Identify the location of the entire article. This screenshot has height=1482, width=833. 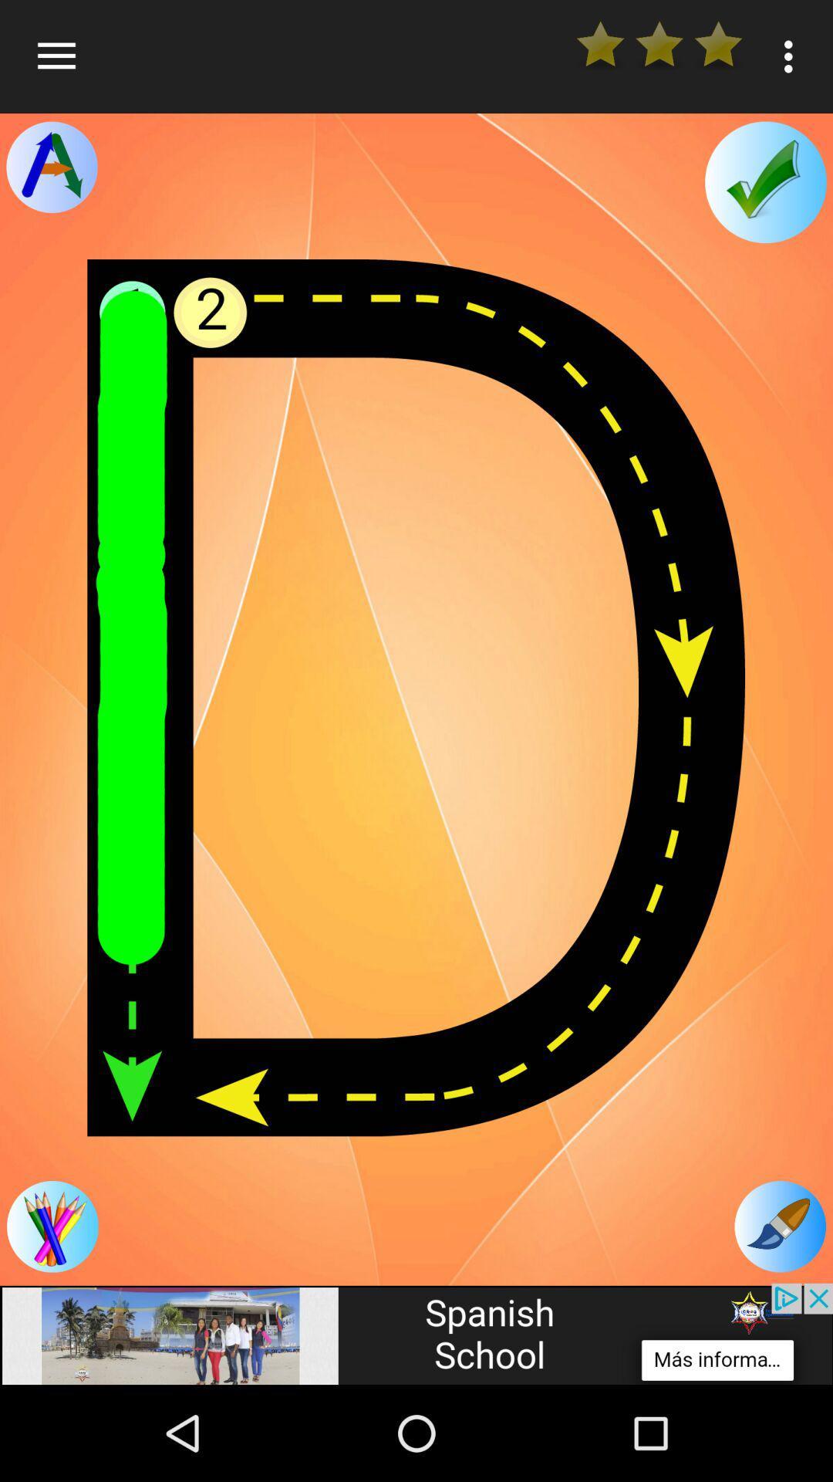
(416, 697).